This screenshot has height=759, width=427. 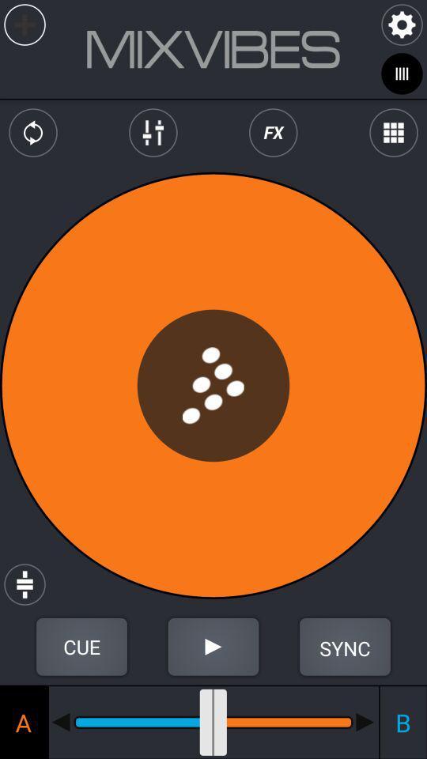 What do you see at coordinates (272, 132) in the screenshot?
I see `effects` at bounding box center [272, 132].